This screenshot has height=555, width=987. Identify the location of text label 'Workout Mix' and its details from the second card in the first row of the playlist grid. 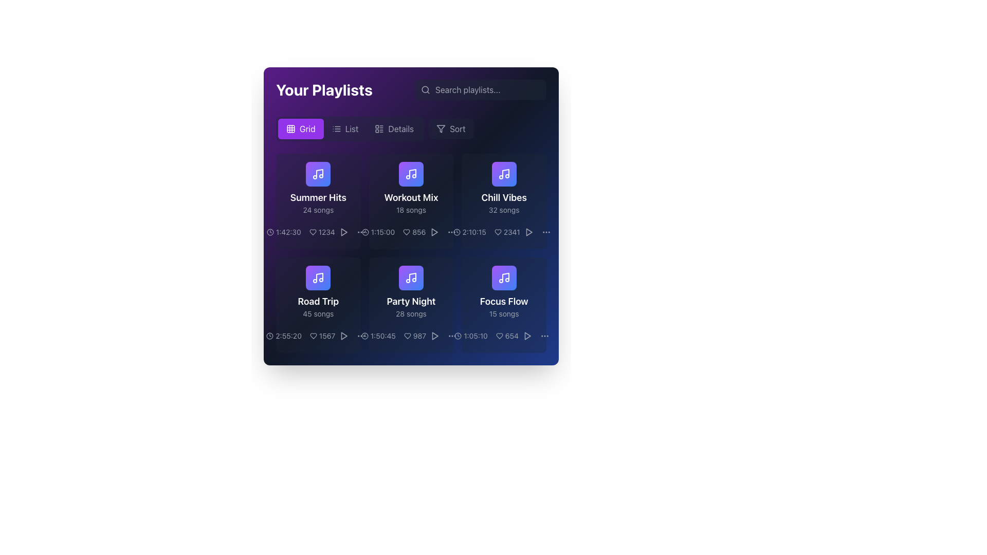
(411, 202).